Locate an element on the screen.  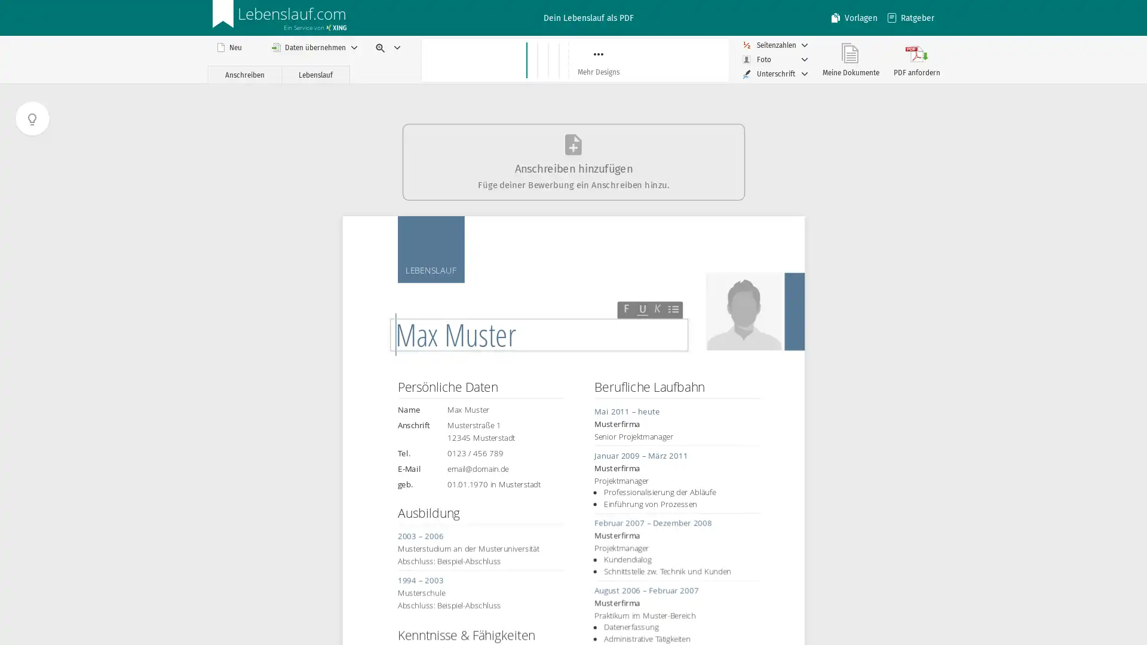
Anschreiben hinzufugen Fuge deiner Bewerbung ein Anschreiben hinzu. is located at coordinates (572, 162).